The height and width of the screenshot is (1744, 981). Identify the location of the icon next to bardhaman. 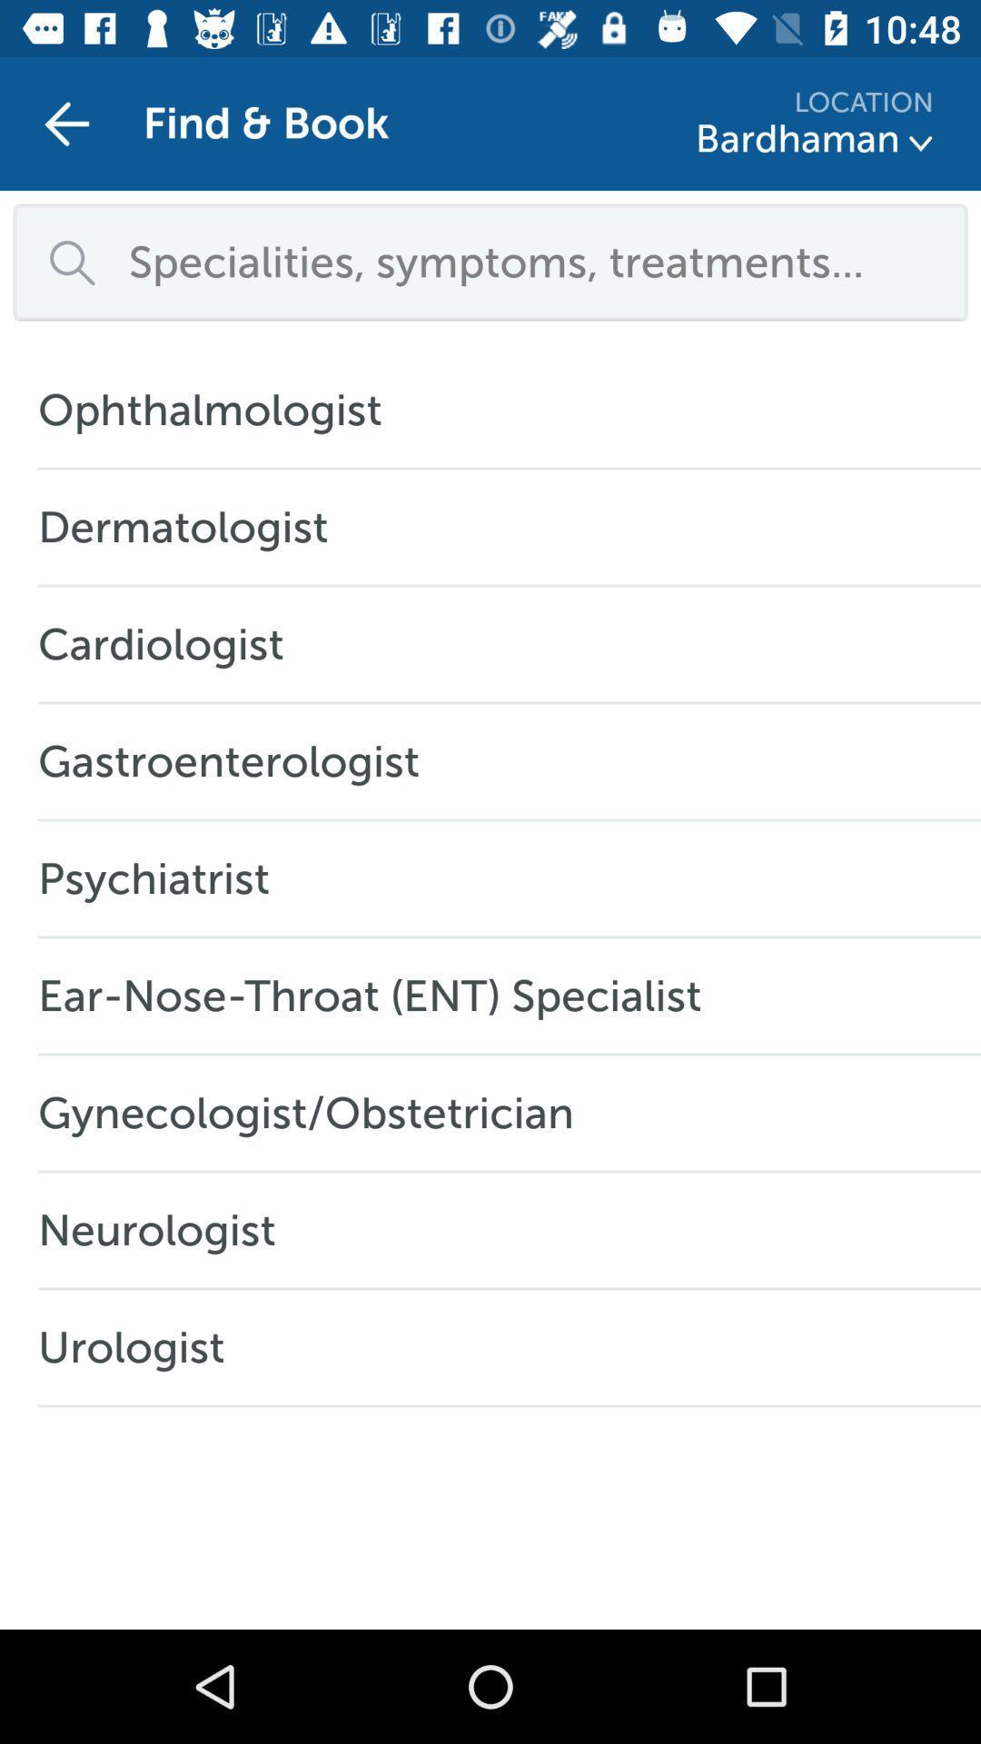
(921, 143).